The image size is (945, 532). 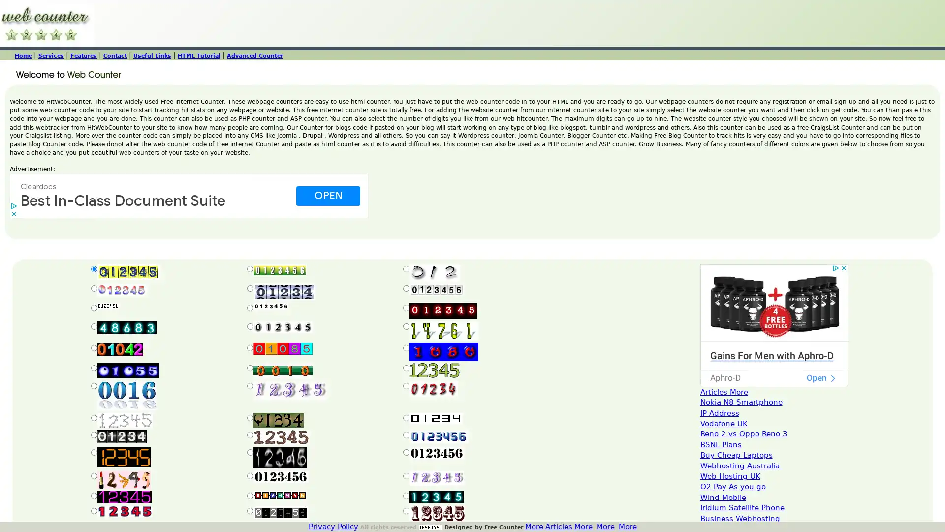 What do you see at coordinates (436, 453) in the screenshot?
I see `Submit` at bounding box center [436, 453].